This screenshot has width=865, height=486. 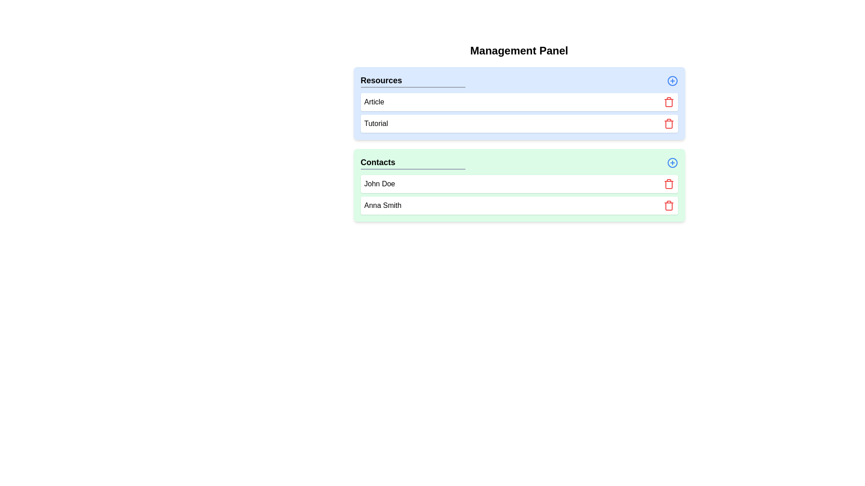 I want to click on '+' button for the category Contacts to add a new element, so click(x=672, y=163).